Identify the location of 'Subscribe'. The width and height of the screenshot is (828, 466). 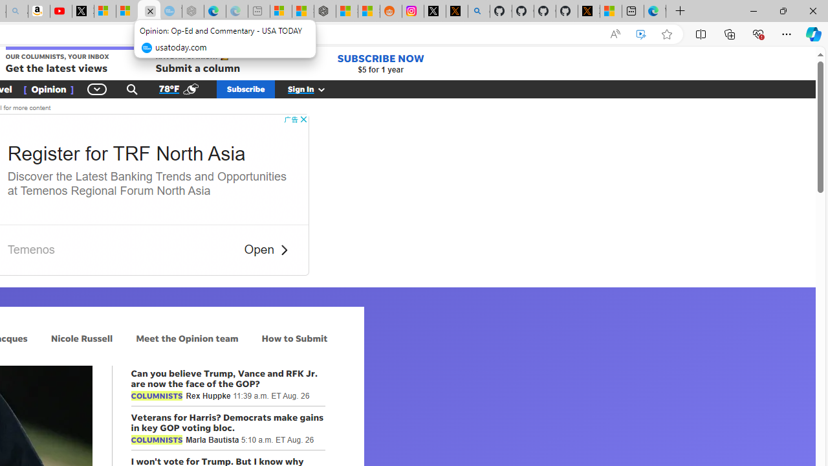
(246, 88).